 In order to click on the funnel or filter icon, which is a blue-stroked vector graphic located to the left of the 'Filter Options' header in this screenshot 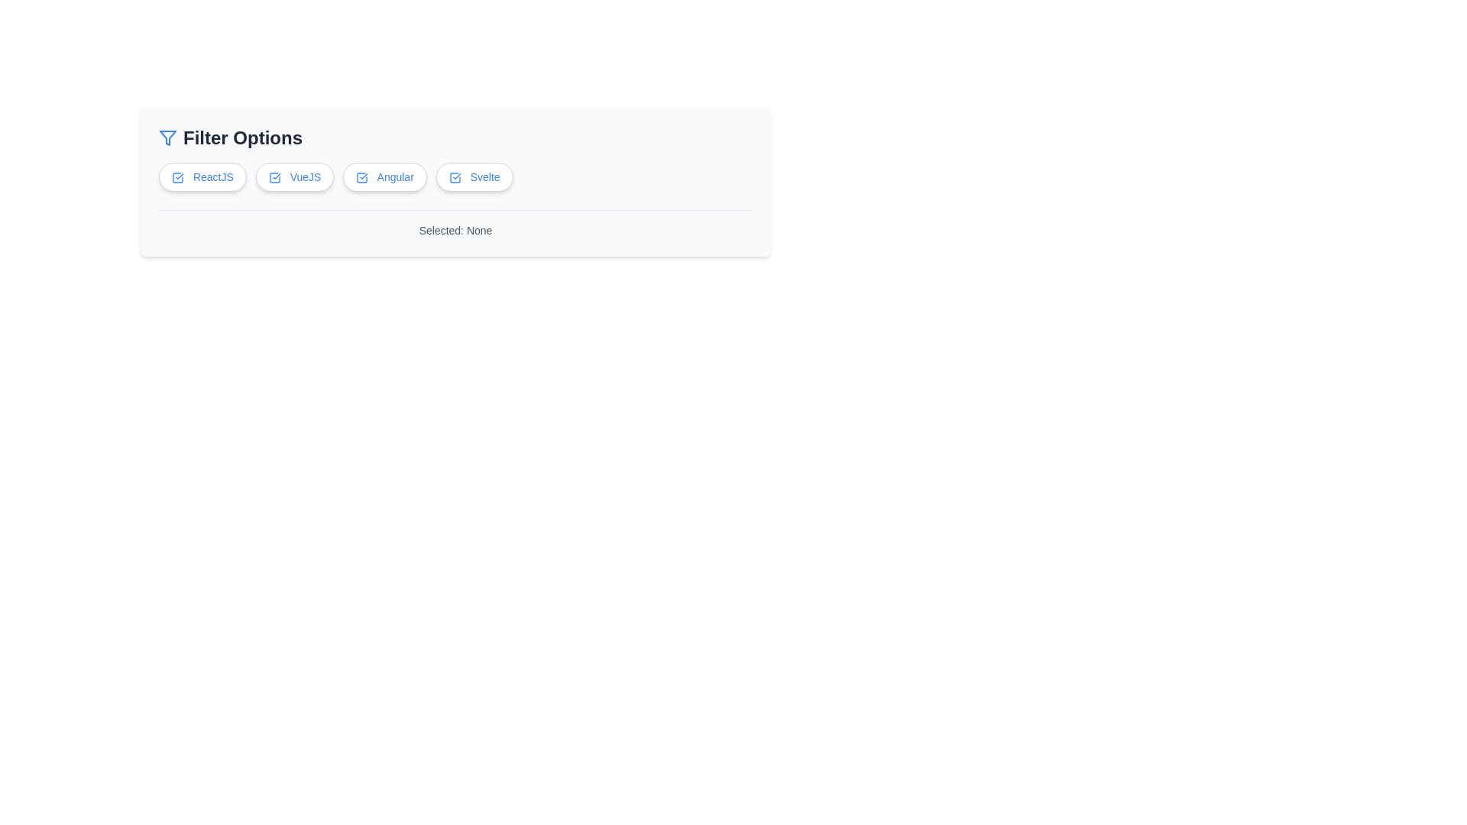, I will do `click(168, 138)`.